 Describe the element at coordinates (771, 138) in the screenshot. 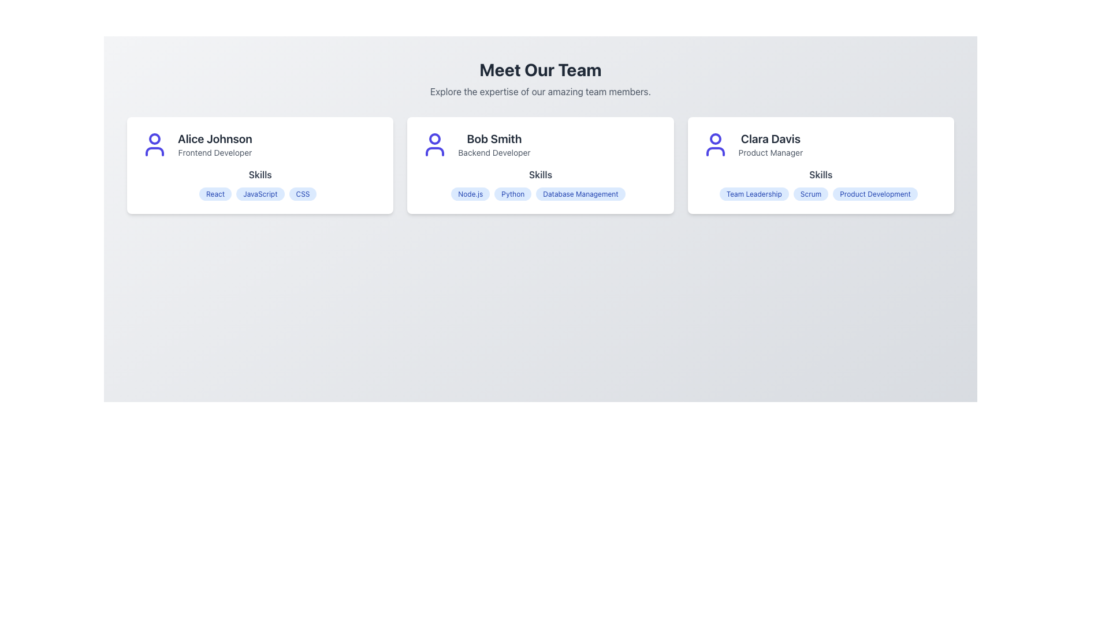

I see `the text element displaying the name of the individual profiled in the card, which is located in the rightmost column of a three-column layout, positioned above the 'Product Manager' label` at that location.